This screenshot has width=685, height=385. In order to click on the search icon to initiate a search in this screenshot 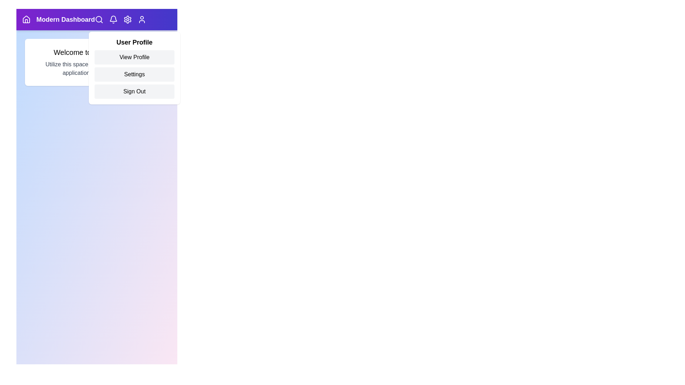, I will do `click(99, 19)`.